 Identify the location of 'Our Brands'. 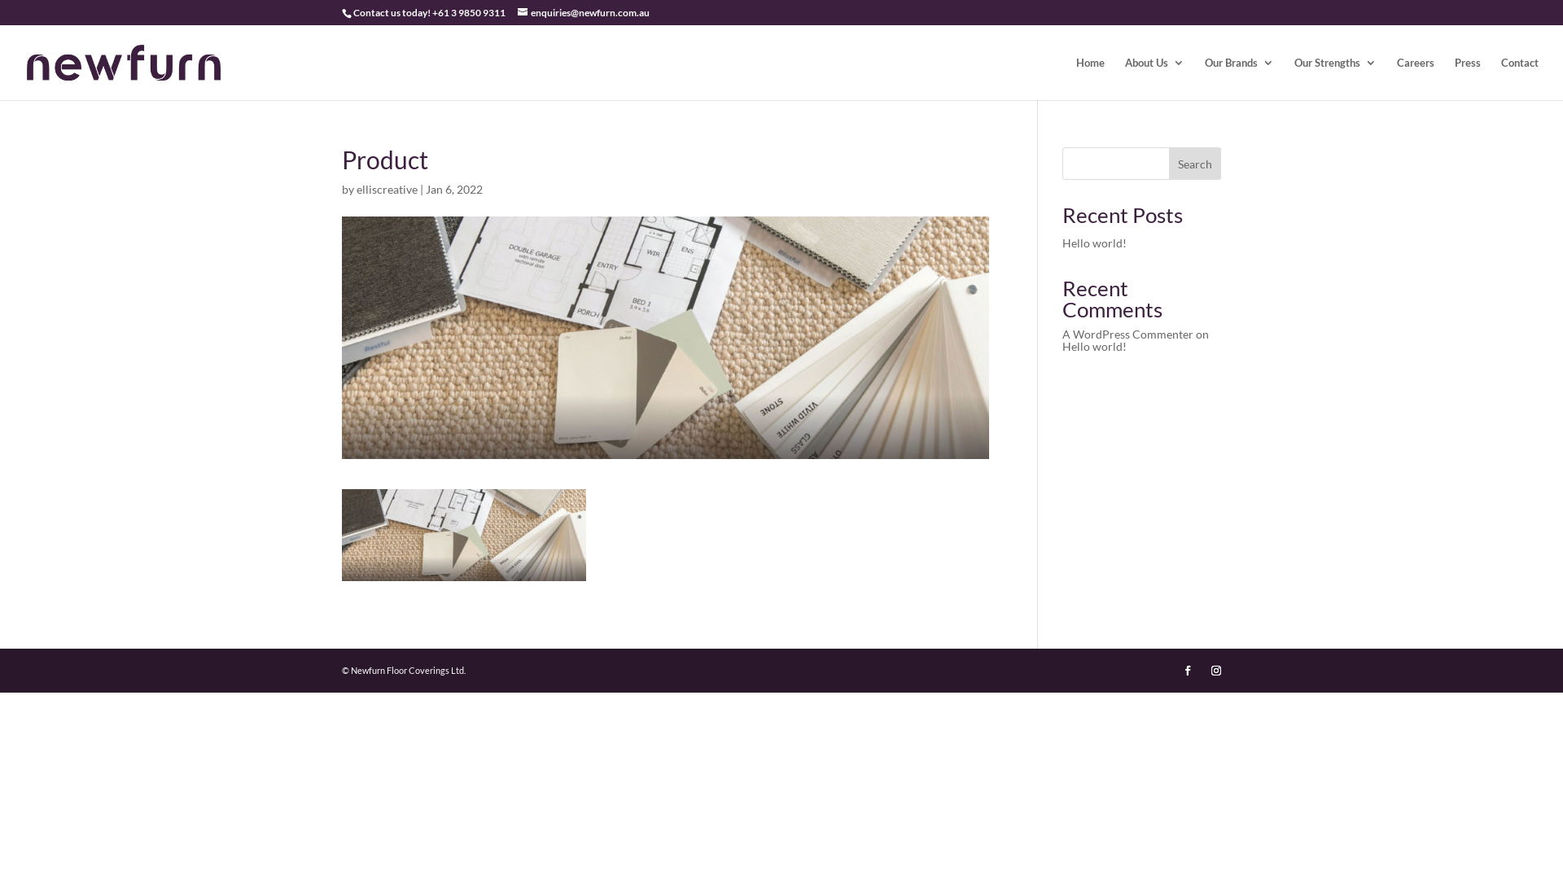
(1238, 78).